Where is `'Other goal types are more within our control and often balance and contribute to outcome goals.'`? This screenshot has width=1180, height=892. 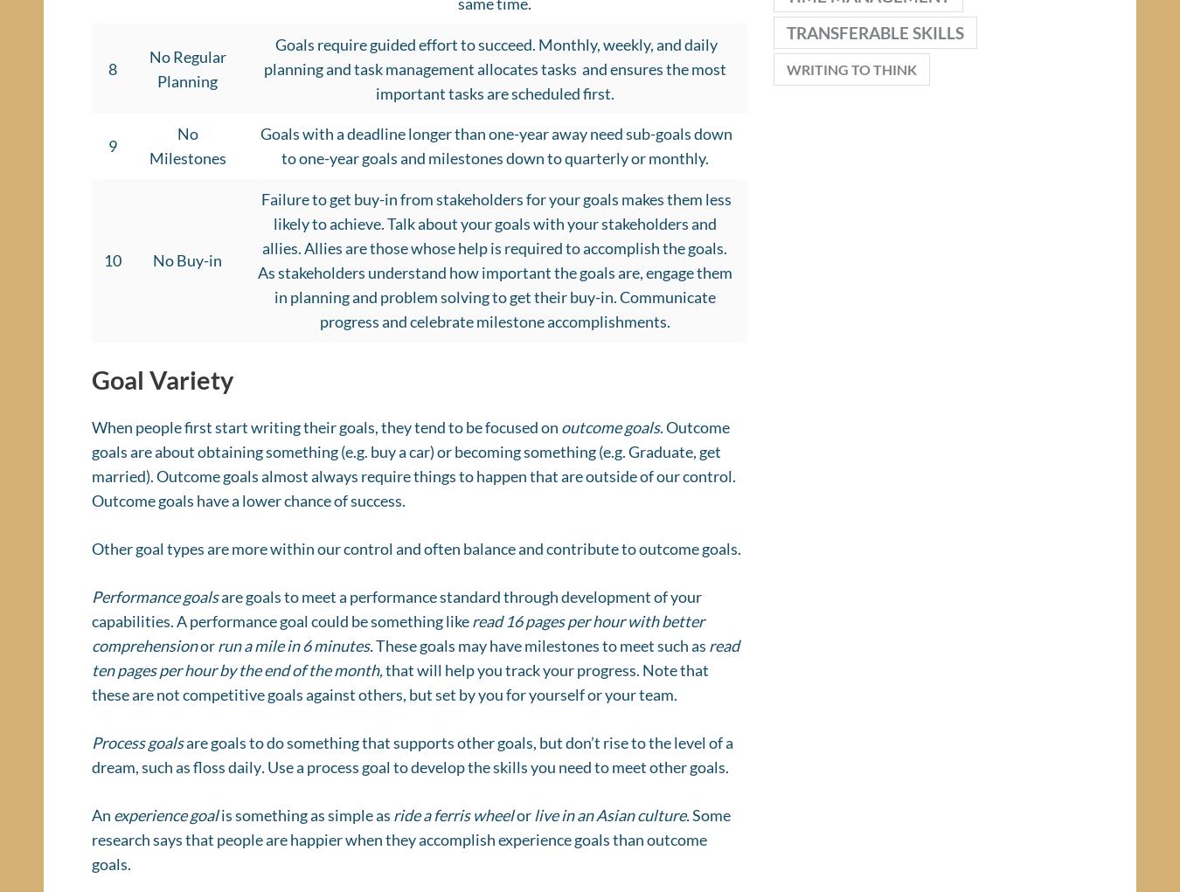 'Other goal types are more within our control and often balance and contribute to outcome goals.' is located at coordinates (415, 553).